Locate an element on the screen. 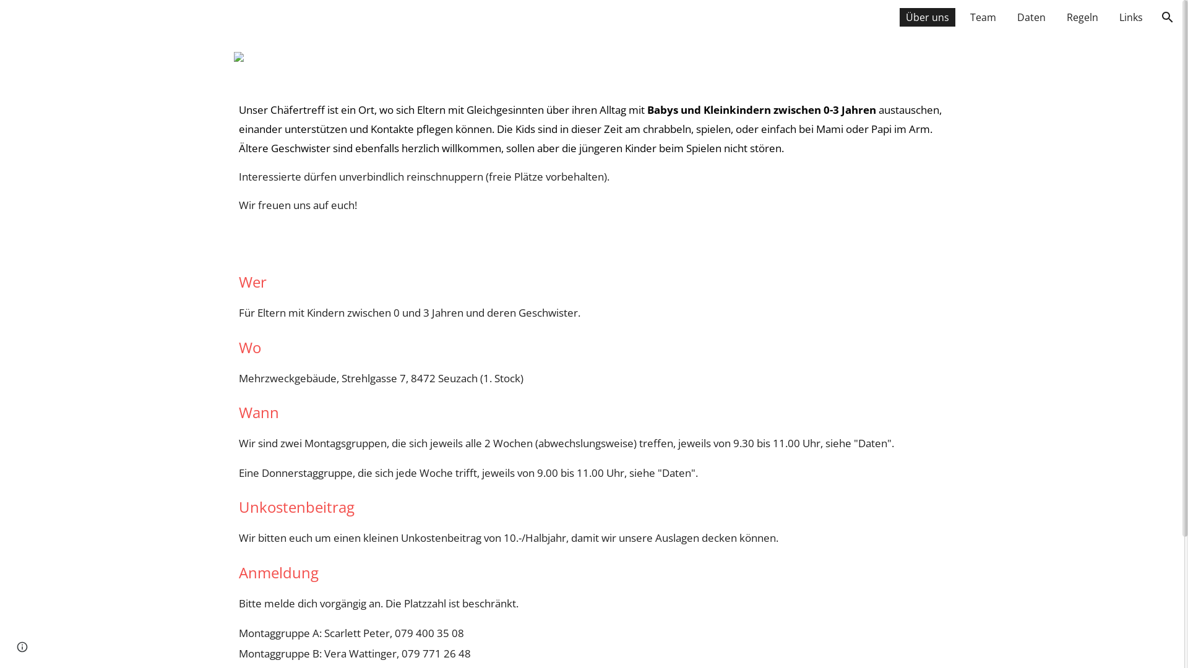  'Regeln' is located at coordinates (1082, 17).